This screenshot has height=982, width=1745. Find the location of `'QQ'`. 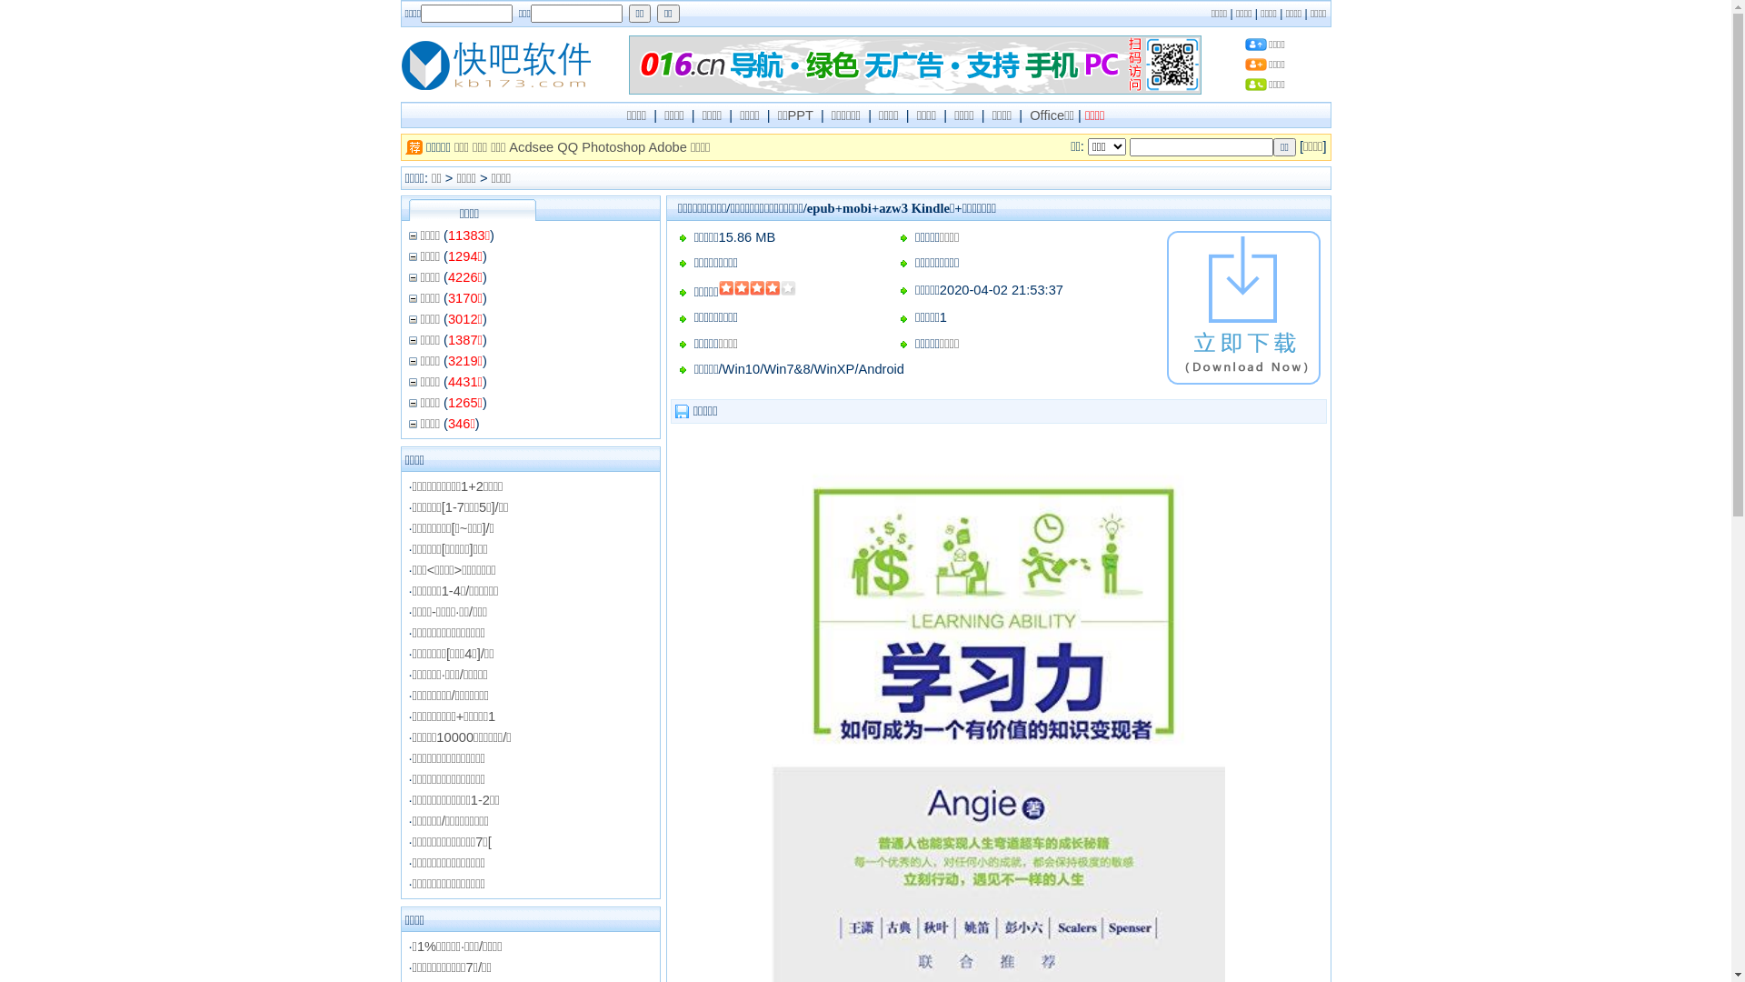

'QQ' is located at coordinates (556, 146).